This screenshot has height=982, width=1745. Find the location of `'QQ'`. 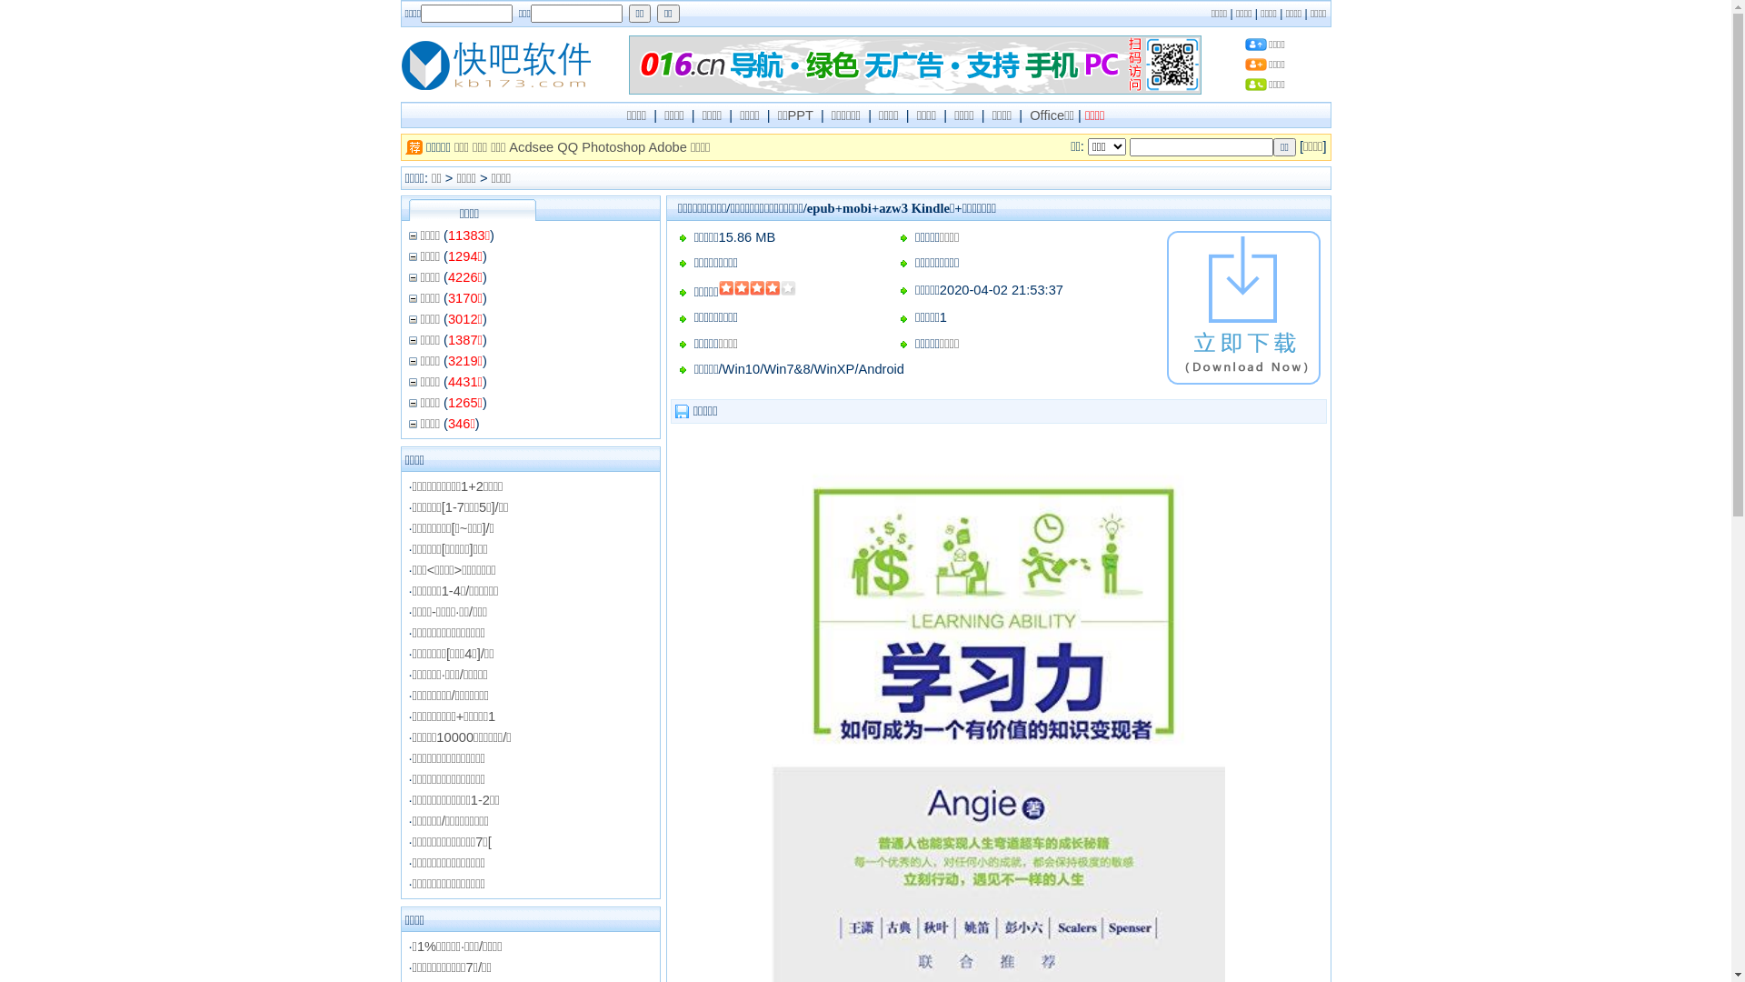

'QQ' is located at coordinates (556, 146).